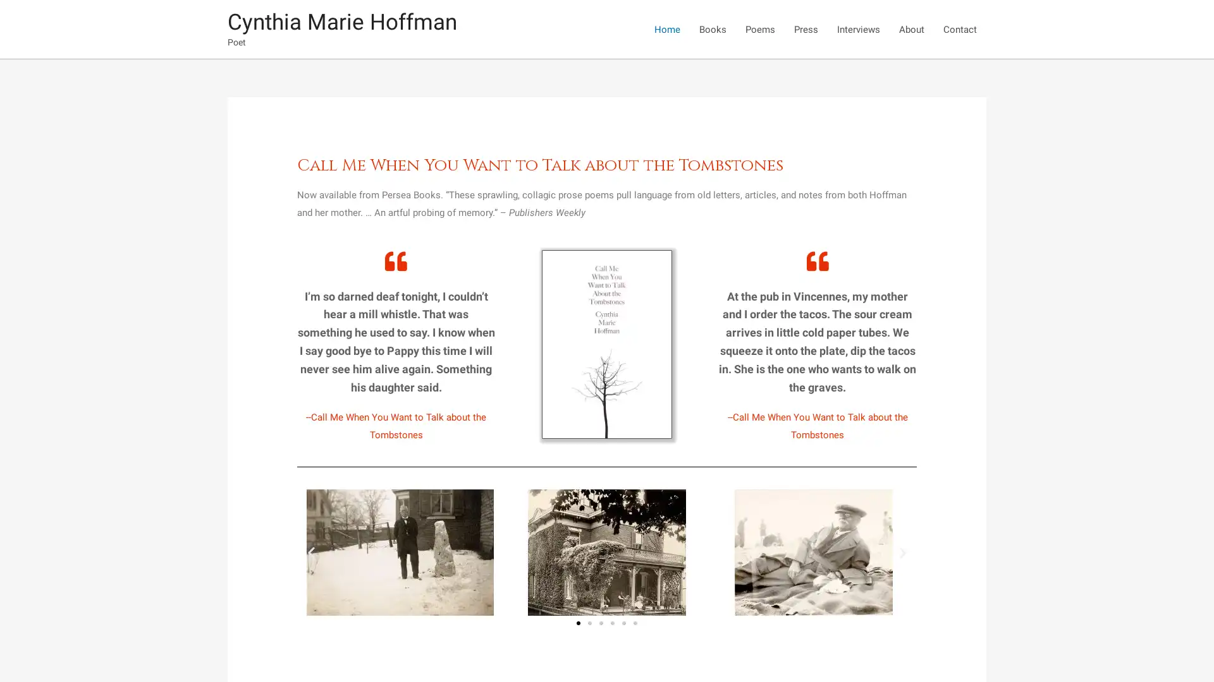 This screenshot has height=682, width=1214. I want to click on Go to slide 5, so click(624, 623).